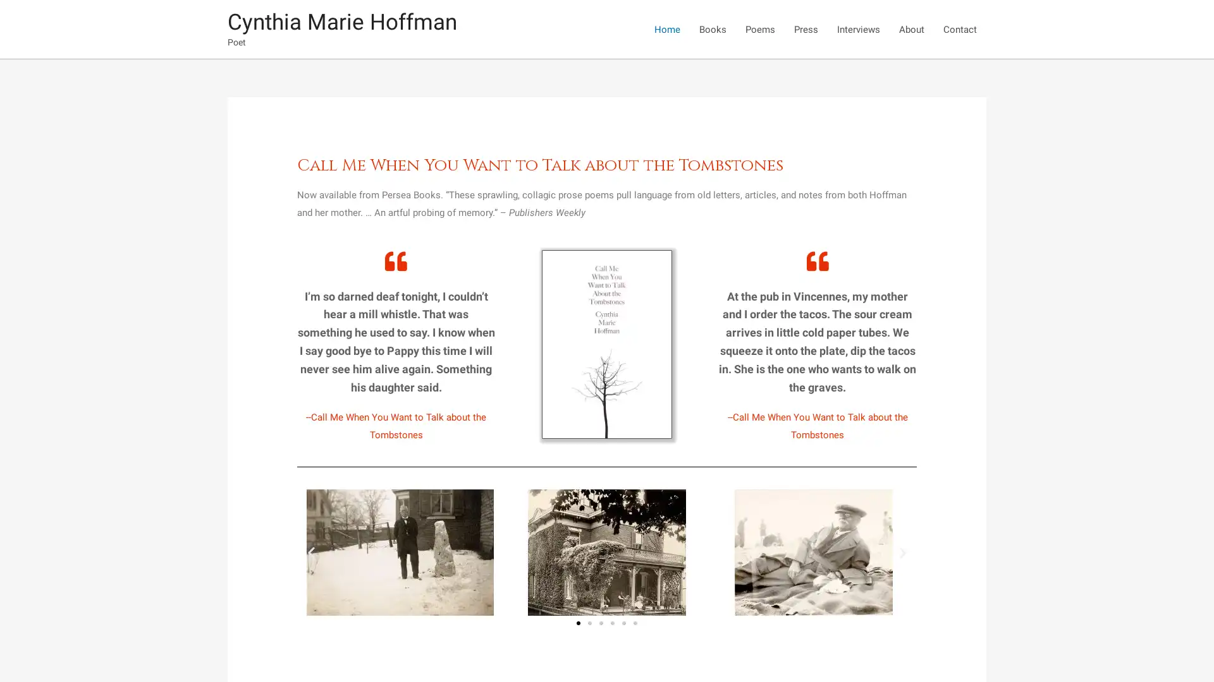 This screenshot has height=682, width=1214. I want to click on Go to slide 5, so click(624, 623).